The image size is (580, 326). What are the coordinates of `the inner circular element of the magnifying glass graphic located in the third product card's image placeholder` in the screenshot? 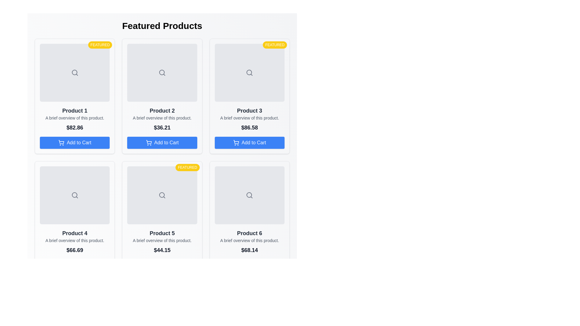 It's located at (249, 72).